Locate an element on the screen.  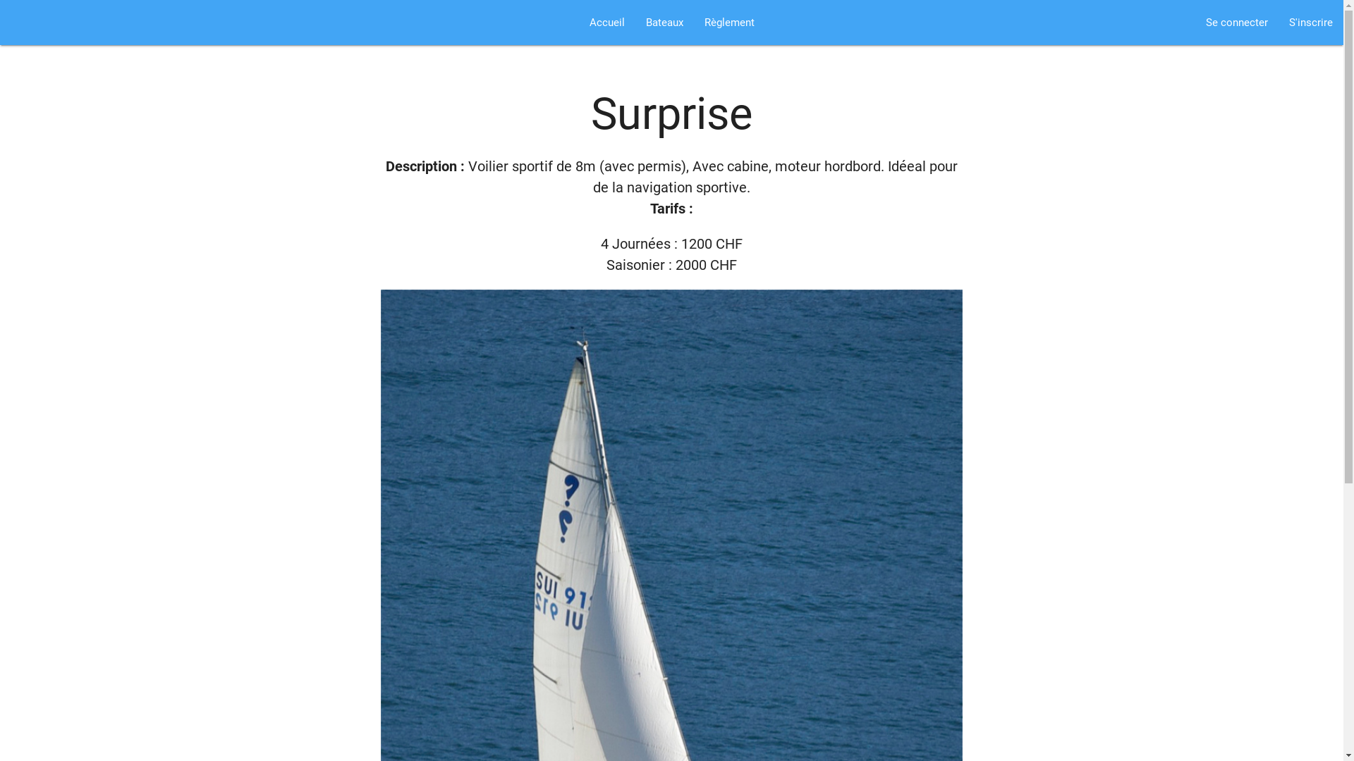
'Bateaux' is located at coordinates (663, 22).